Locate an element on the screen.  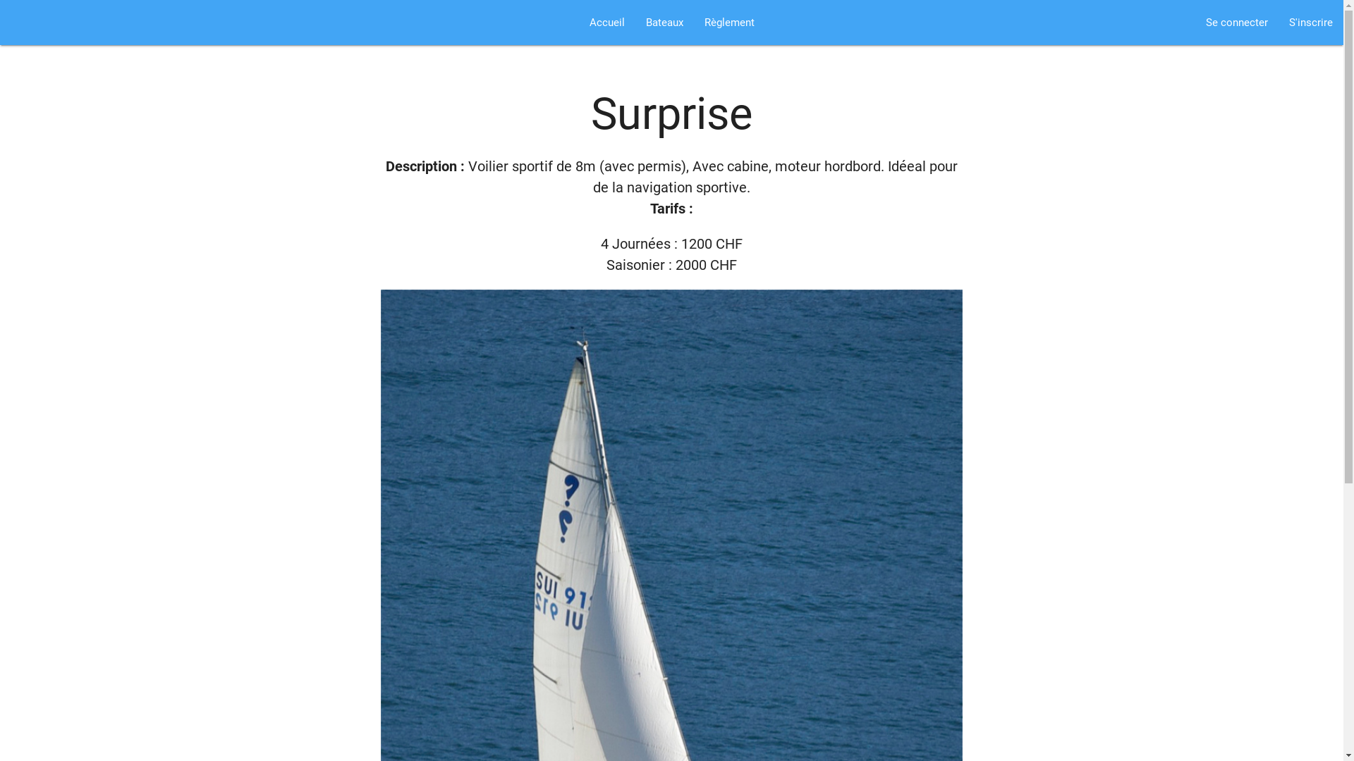
'Bateaux' is located at coordinates (663, 22).